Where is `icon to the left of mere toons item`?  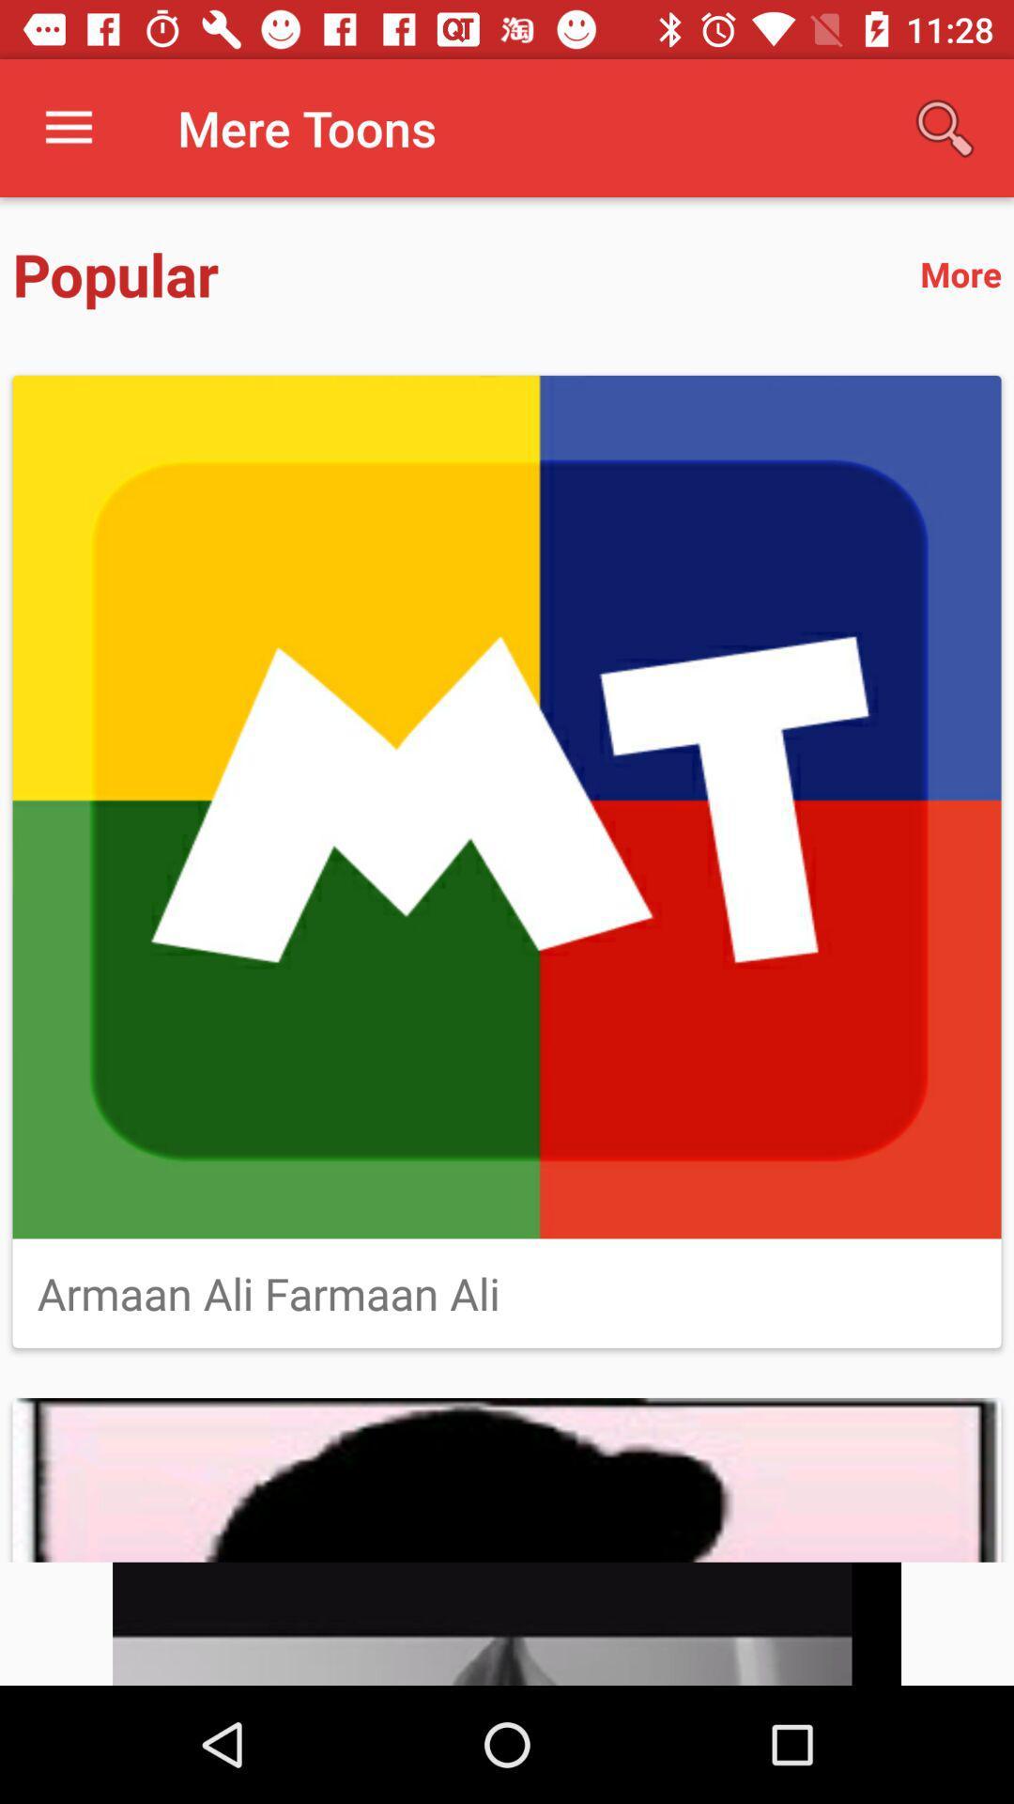 icon to the left of mere toons item is located at coordinates (68, 127).